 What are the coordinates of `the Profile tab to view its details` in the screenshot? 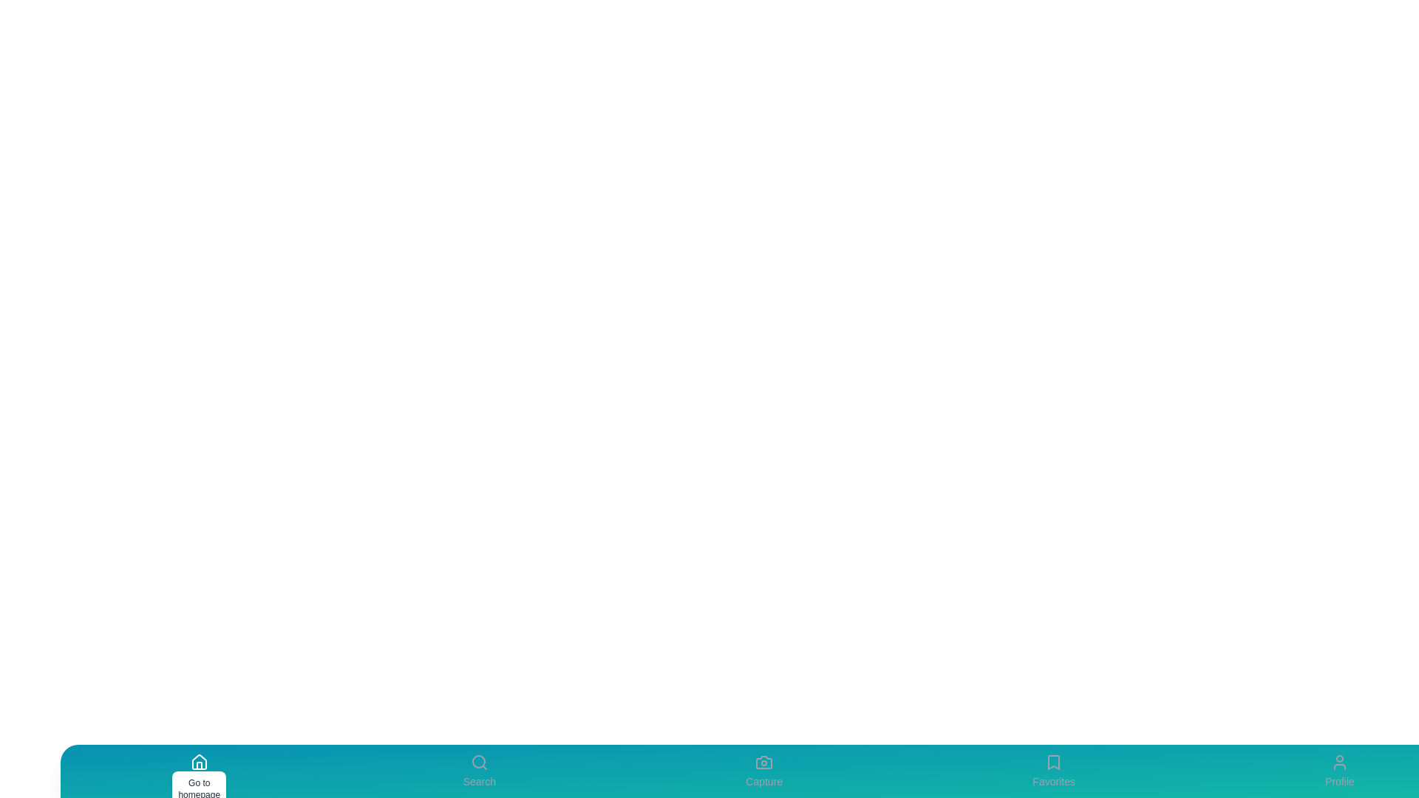 It's located at (1340, 771).